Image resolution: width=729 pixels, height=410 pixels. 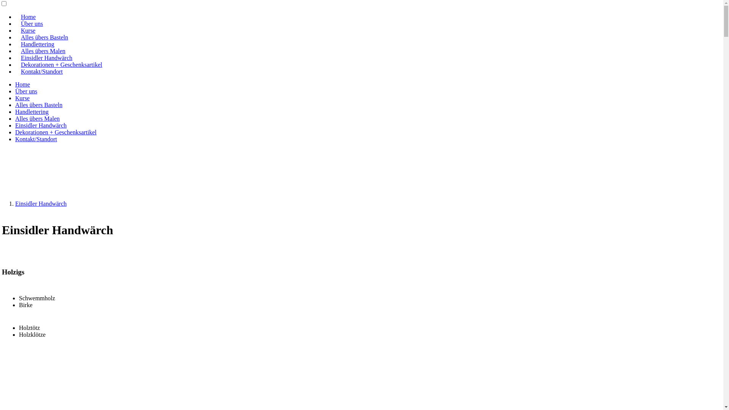 I want to click on 'Dekorationen + Geschenksartikel', so click(x=55, y=132).